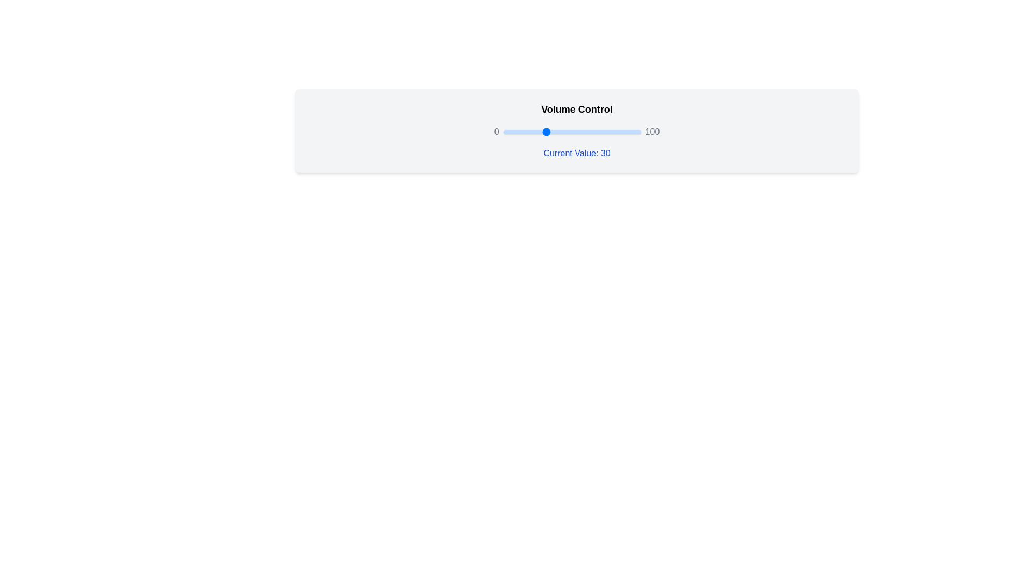 The image size is (1032, 580). I want to click on the slider to set the volume to 50, so click(571, 132).